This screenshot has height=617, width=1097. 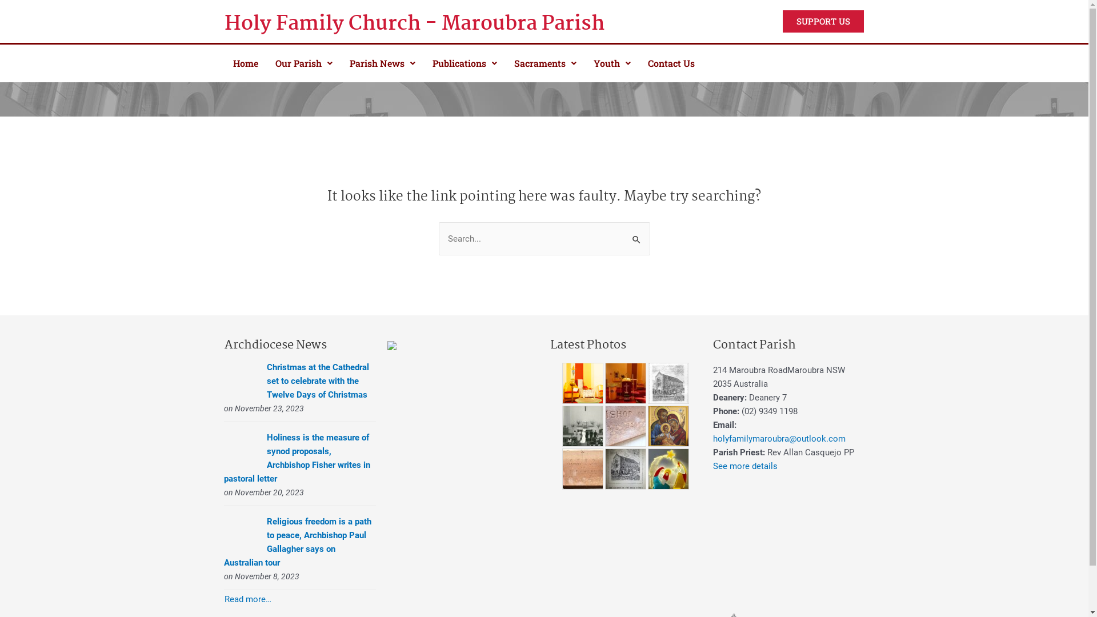 What do you see at coordinates (339, 63) in the screenshot?
I see `'Parish News'` at bounding box center [339, 63].